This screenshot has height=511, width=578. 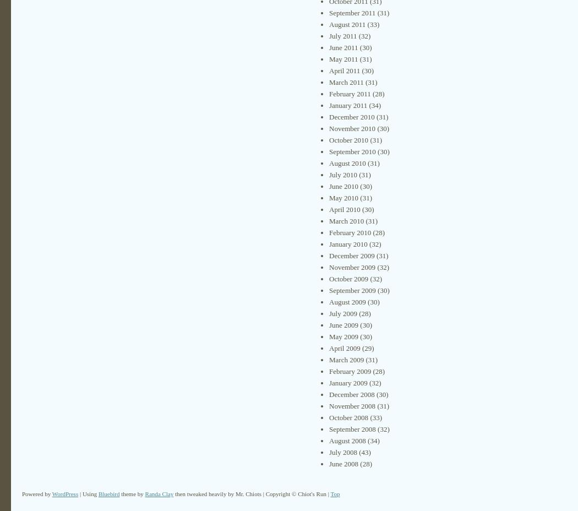 I want to click on 'August 2009', so click(x=347, y=301).